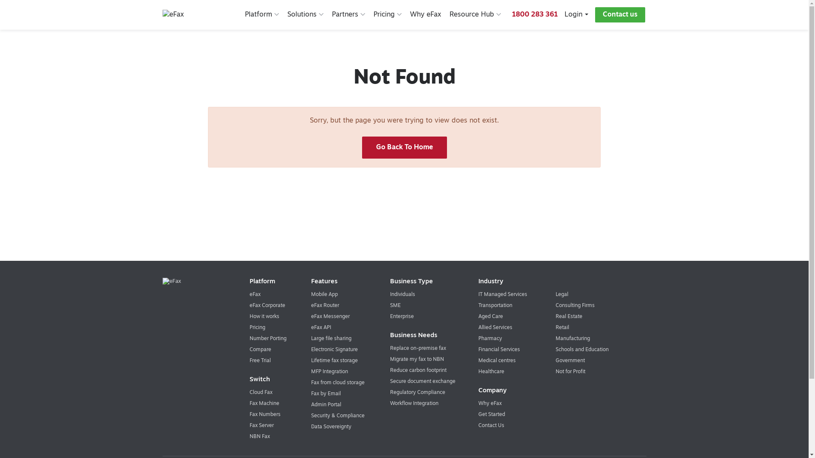 The image size is (815, 458). Describe the element at coordinates (417, 392) in the screenshot. I see `'Regulatory Compliance'` at that location.